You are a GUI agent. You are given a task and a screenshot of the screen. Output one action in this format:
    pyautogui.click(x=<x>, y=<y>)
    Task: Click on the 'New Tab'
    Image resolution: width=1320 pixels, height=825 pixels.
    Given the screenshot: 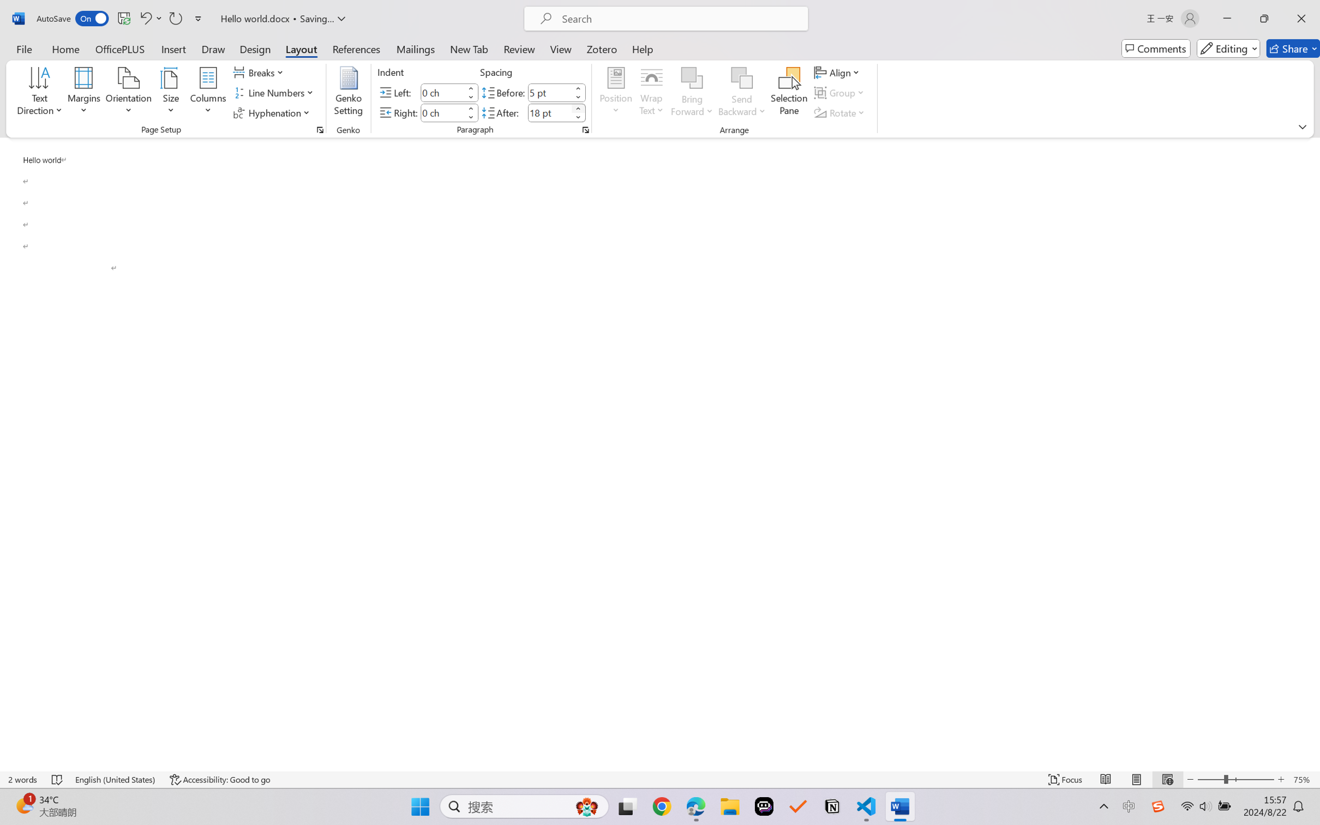 What is the action you would take?
    pyautogui.click(x=469, y=48)
    